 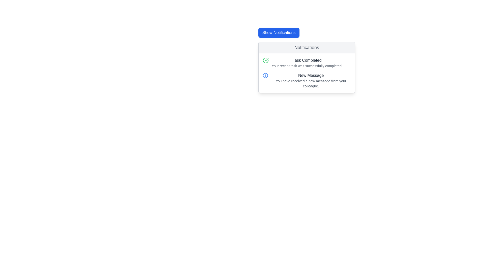 What do you see at coordinates (306, 48) in the screenshot?
I see `the header section of the notification panel, which indicates the purpose of the panel content below and is positioned directly below the 'Show Notifications' button` at bounding box center [306, 48].